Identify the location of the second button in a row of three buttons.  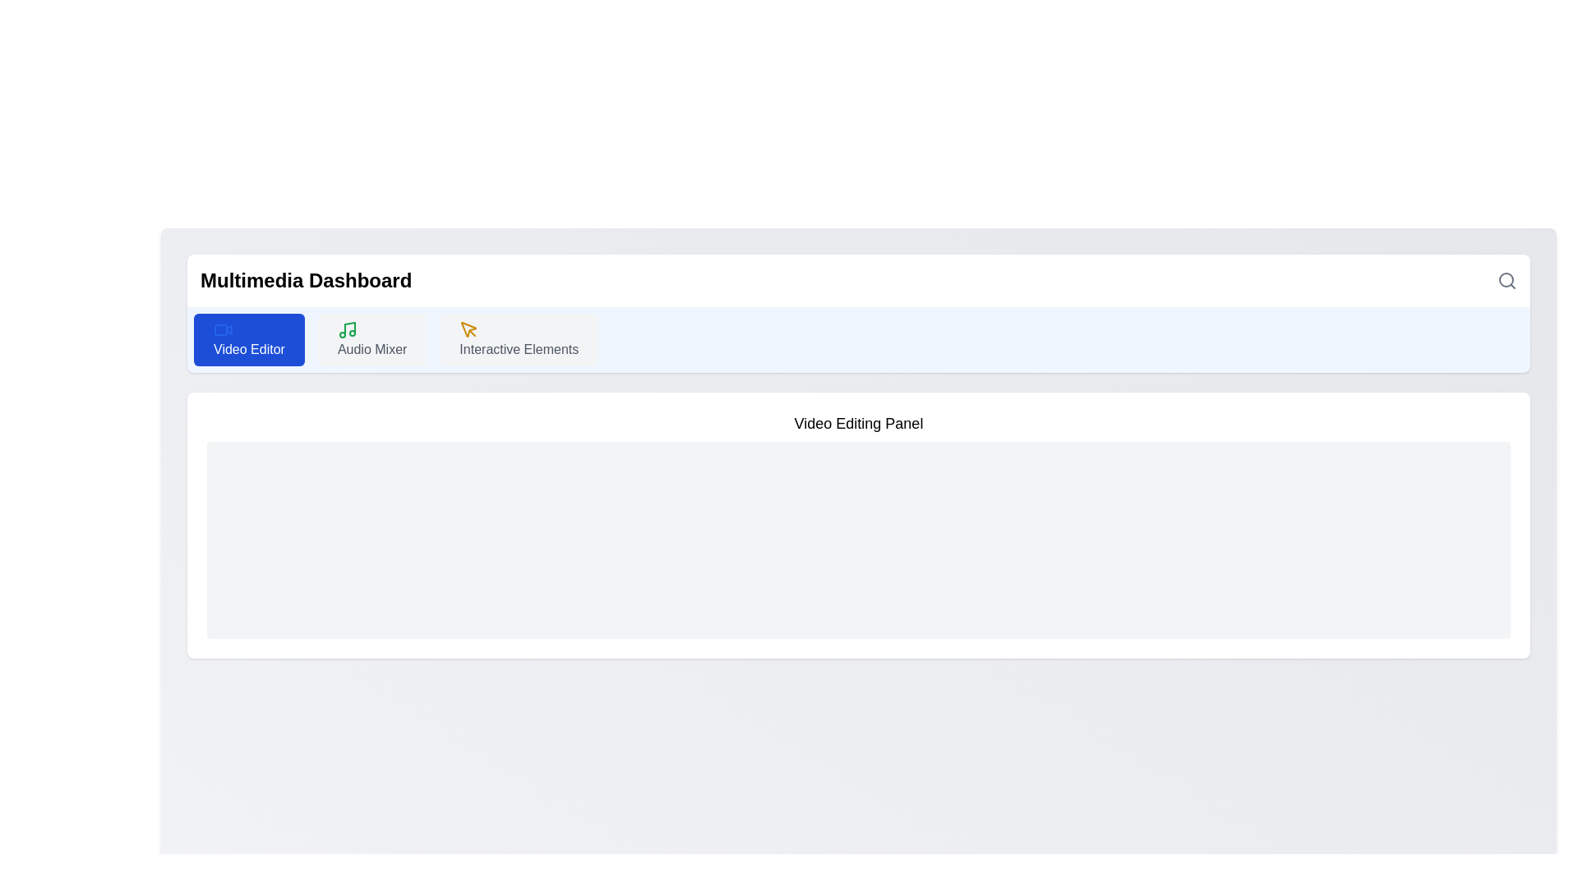
(371, 338).